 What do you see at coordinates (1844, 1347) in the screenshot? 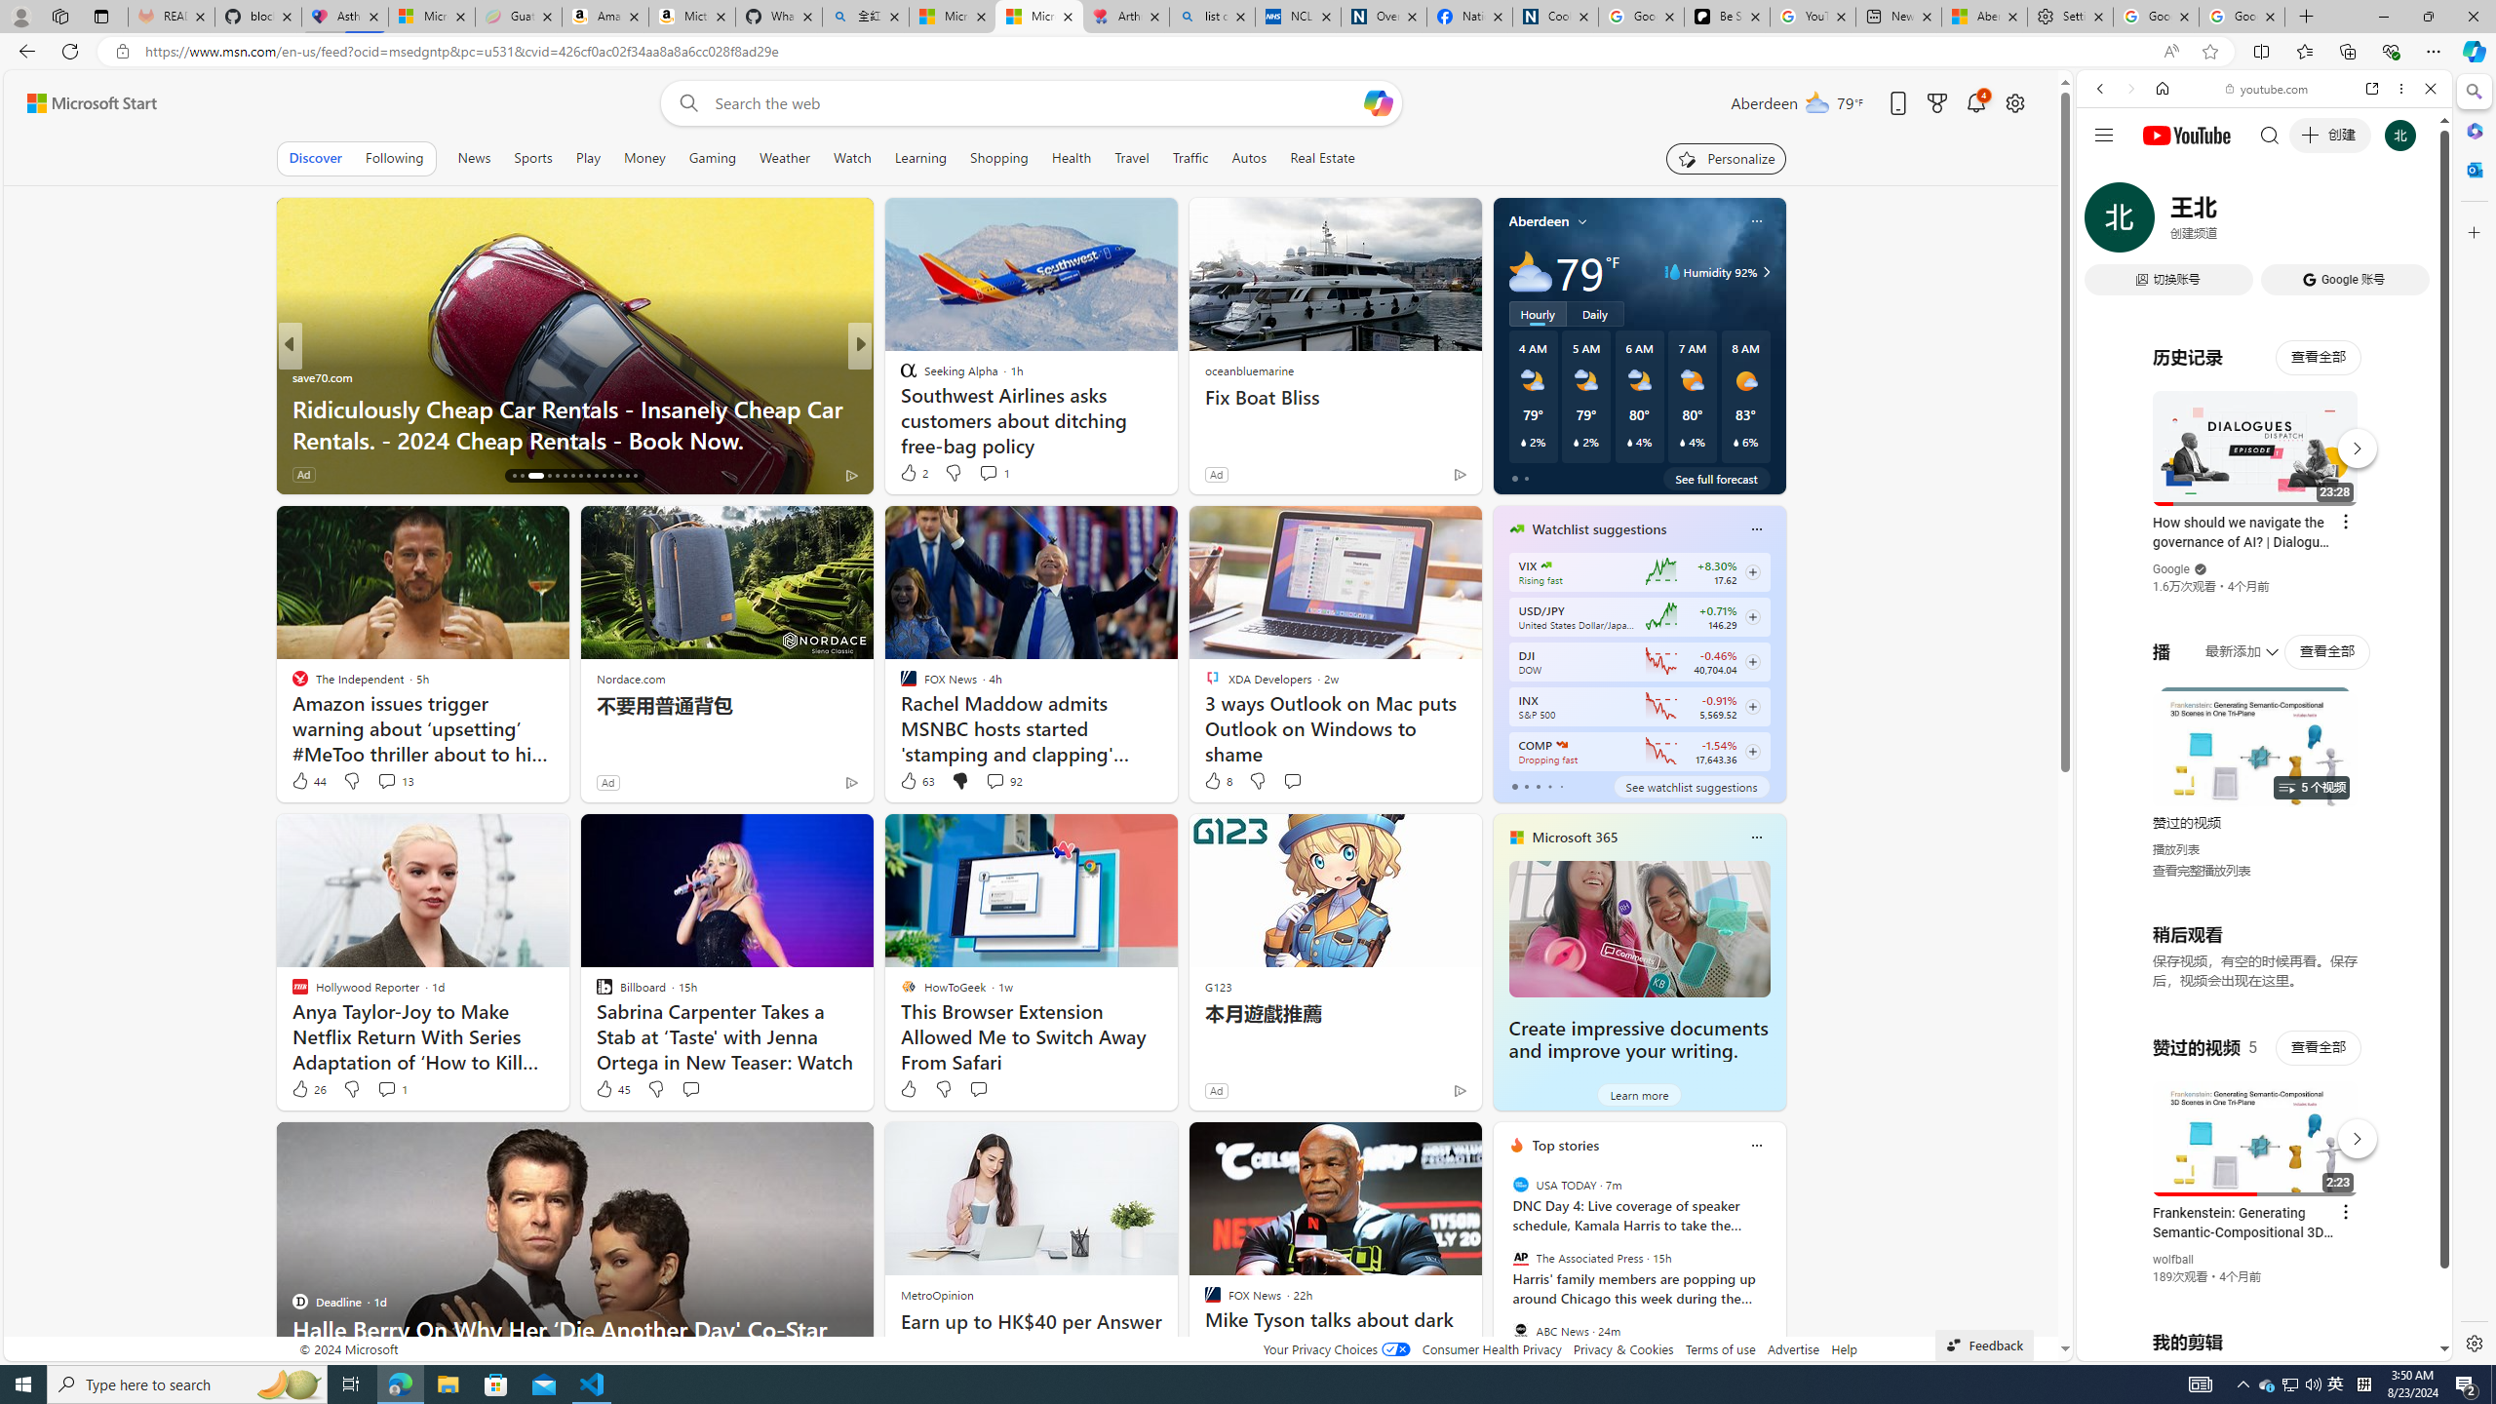
I see `'Help'` at bounding box center [1844, 1347].